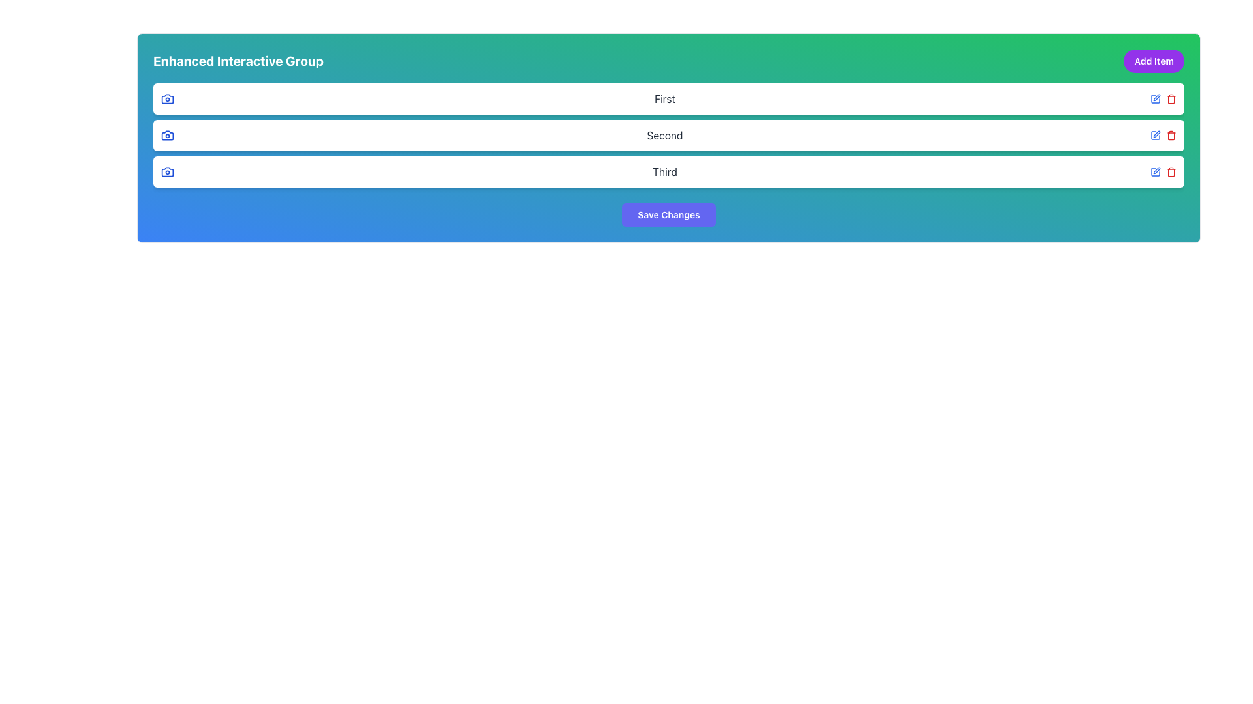 Image resolution: width=1253 pixels, height=704 pixels. What do you see at coordinates (1156, 136) in the screenshot?
I see `the rectangular icon resembling a simplified square outline, which is part of an SVG graphic and positioned in the third row of items, next to the garbage bin icon` at bounding box center [1156, 136].